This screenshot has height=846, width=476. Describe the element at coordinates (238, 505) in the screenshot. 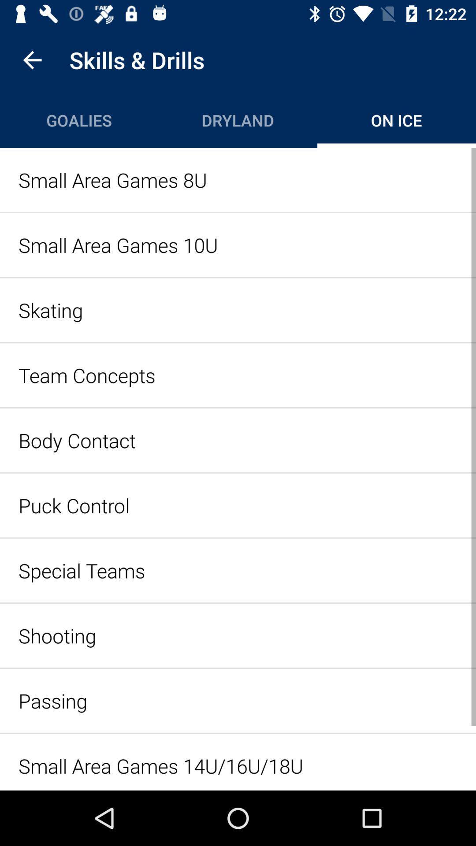

I see `the icon above the special teams` at that location.